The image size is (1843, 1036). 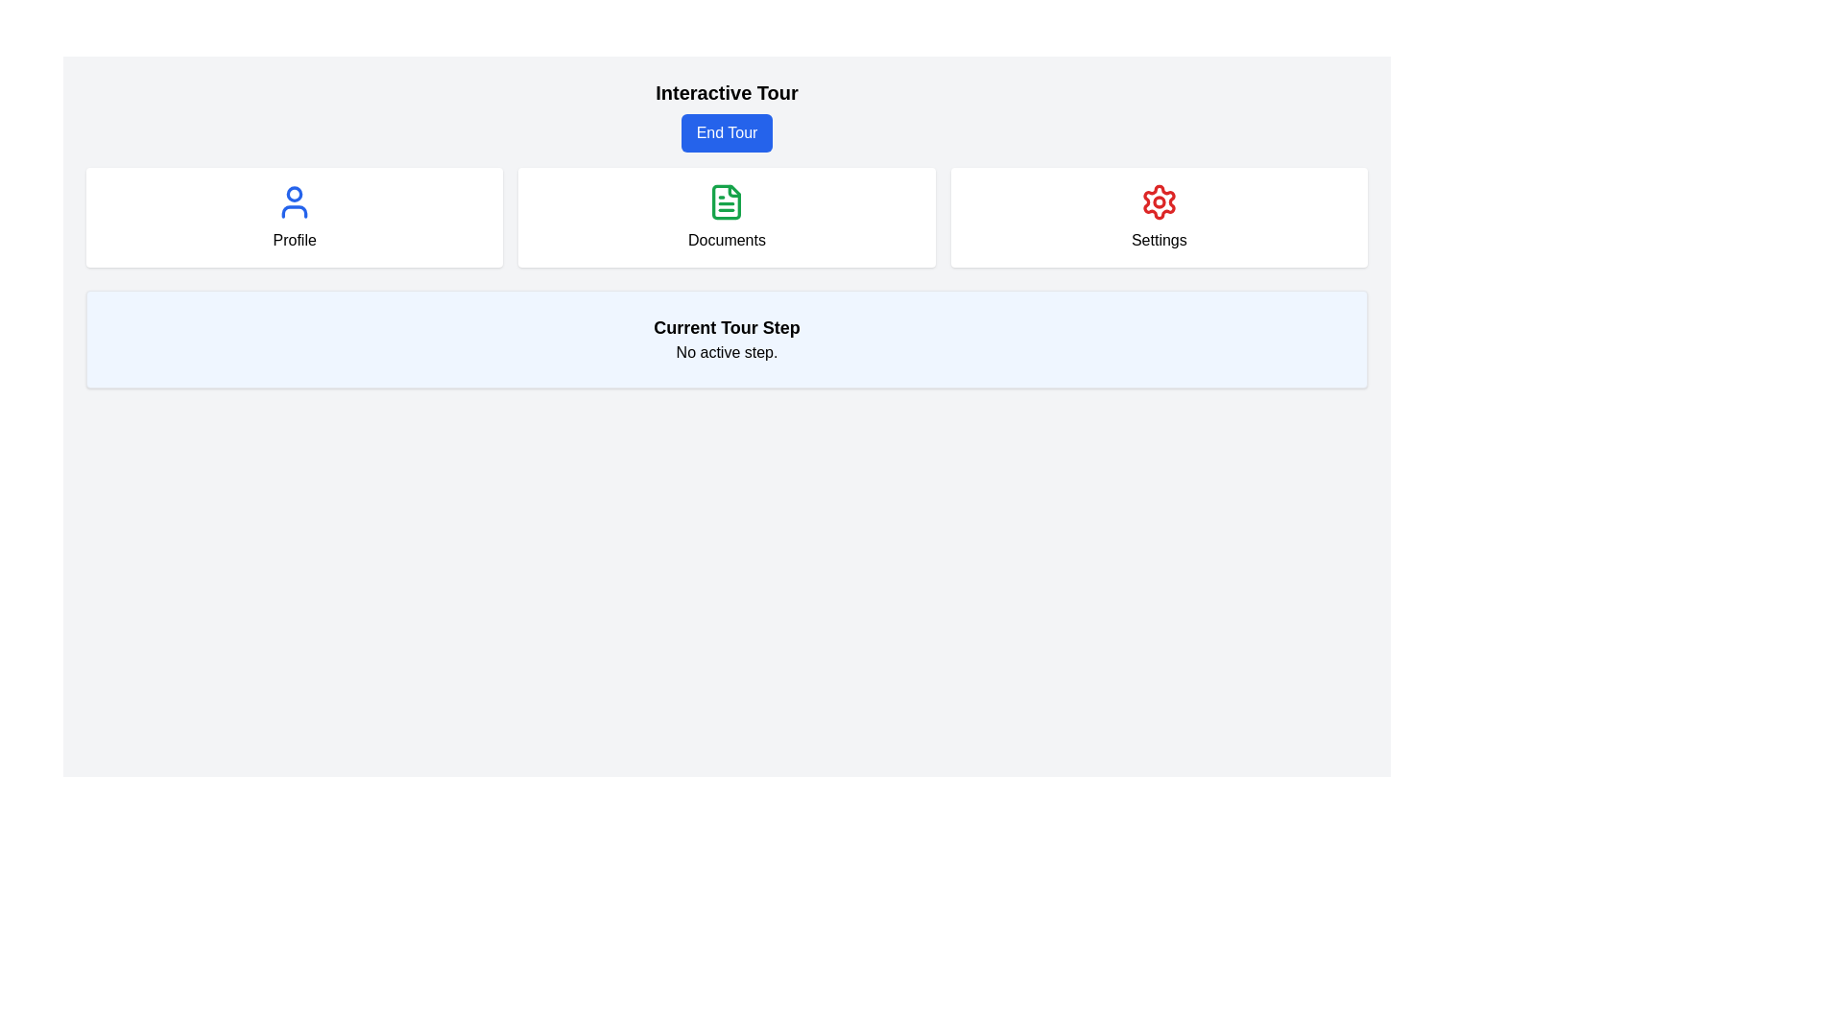 What do you see at coordinates (294, 194) in the screenshot?
I see `the decorative element that symbolizes a user profile, which is positioned above the 'Profile' text label in the top-left section of the interface` at bounding box center [294, 194].